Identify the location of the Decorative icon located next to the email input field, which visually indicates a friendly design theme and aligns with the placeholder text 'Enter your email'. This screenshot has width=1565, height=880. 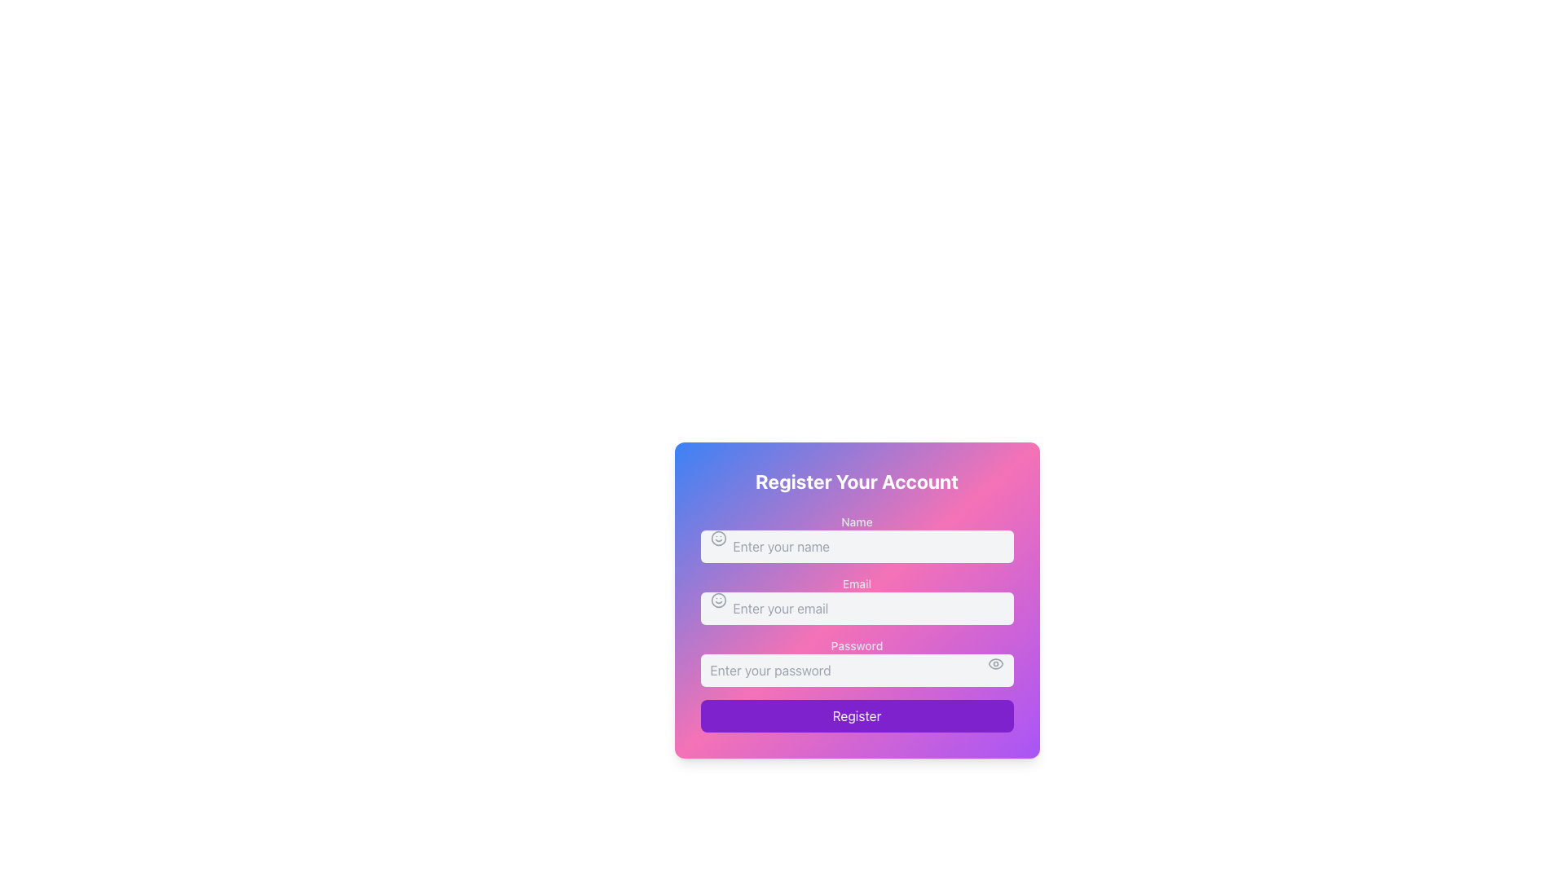
(717, 600).